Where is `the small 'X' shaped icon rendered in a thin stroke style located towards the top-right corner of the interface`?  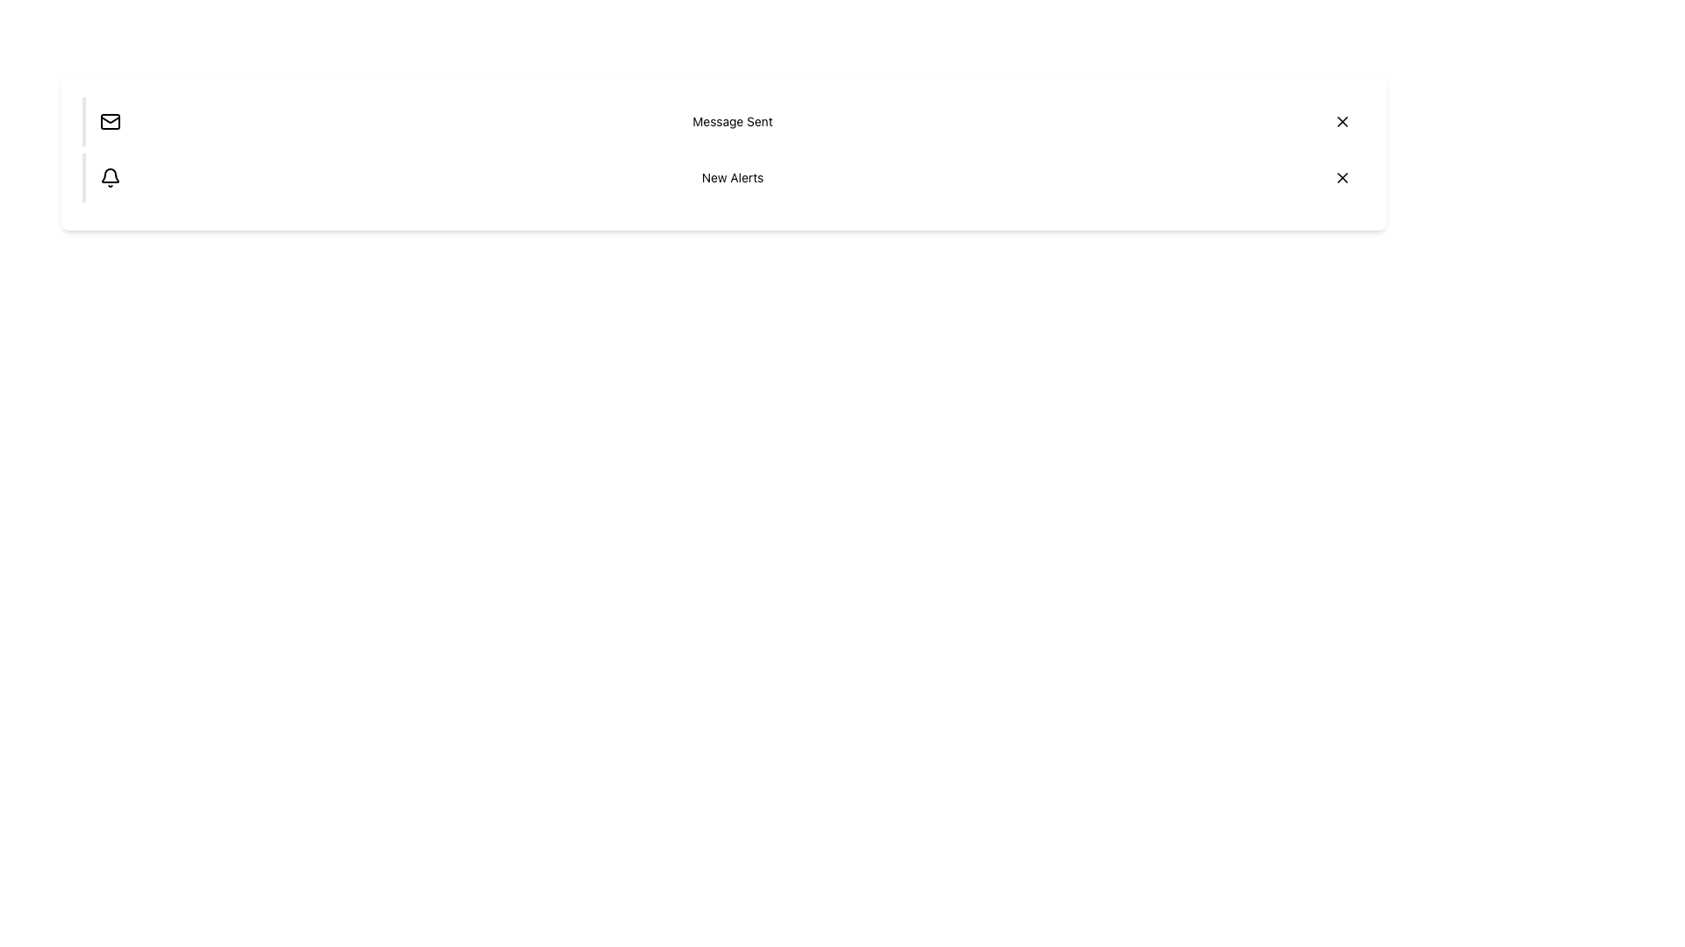 the small 'X' shaped icon rendered in a thin stroke style located towards the top-right corner of the interface is located at coordinates (1342, 178).